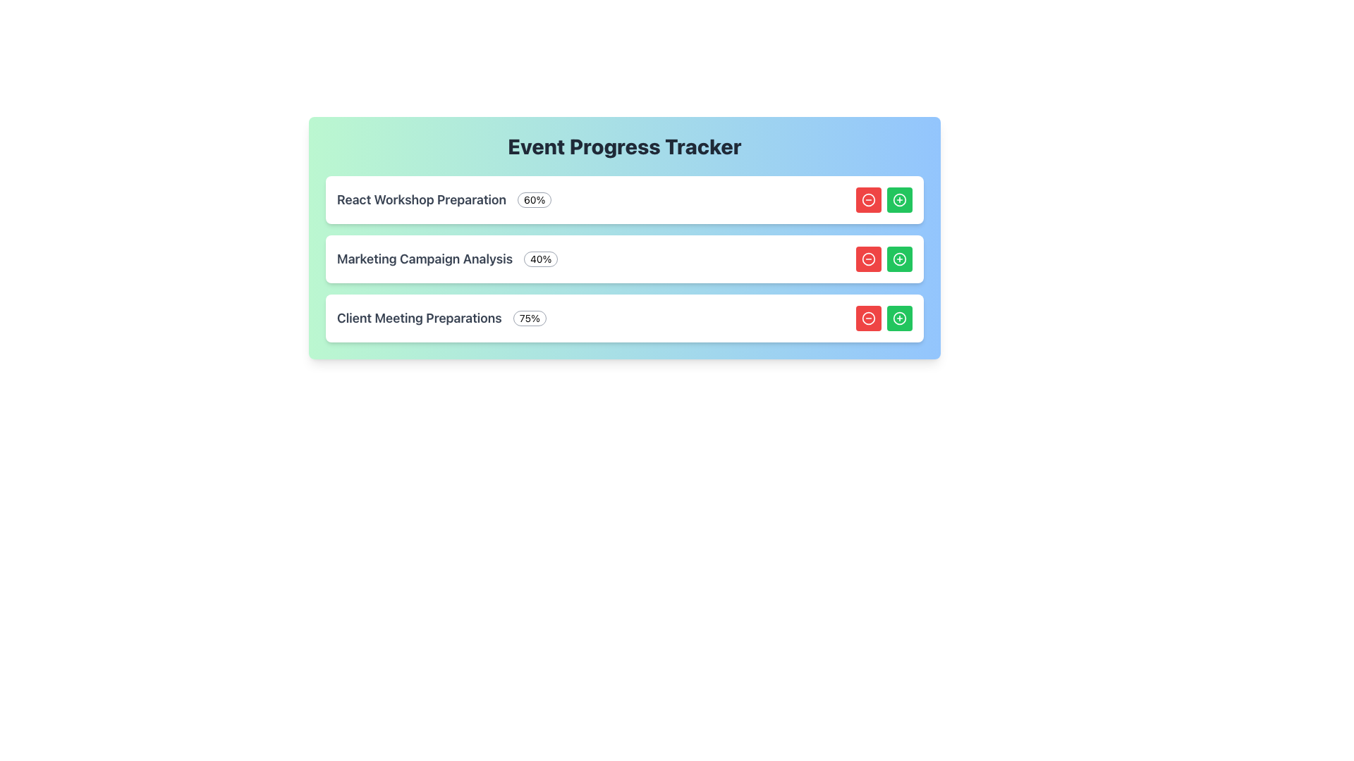  What do you see at coordinates (624, 259) in the screenshot?
I see `the second card in the vertically stacked group that provides a progress tracker and description for a marketing campaign analysis task` at bounding box center [624, 259].